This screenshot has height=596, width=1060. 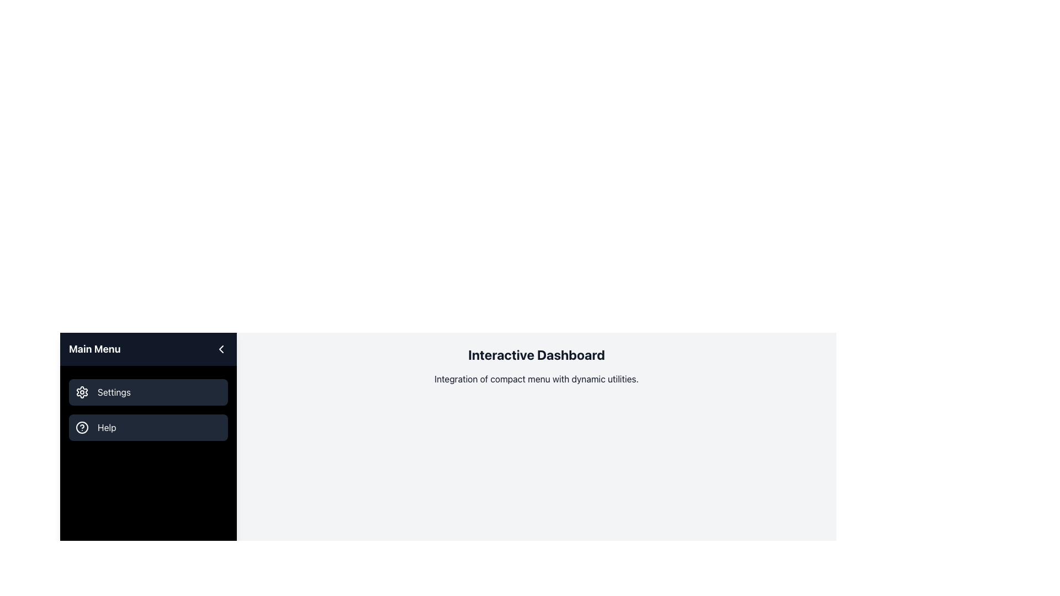 I want to click on the left chevron icon button located in the top-left segment of the interface, so click(x=221, y=349).